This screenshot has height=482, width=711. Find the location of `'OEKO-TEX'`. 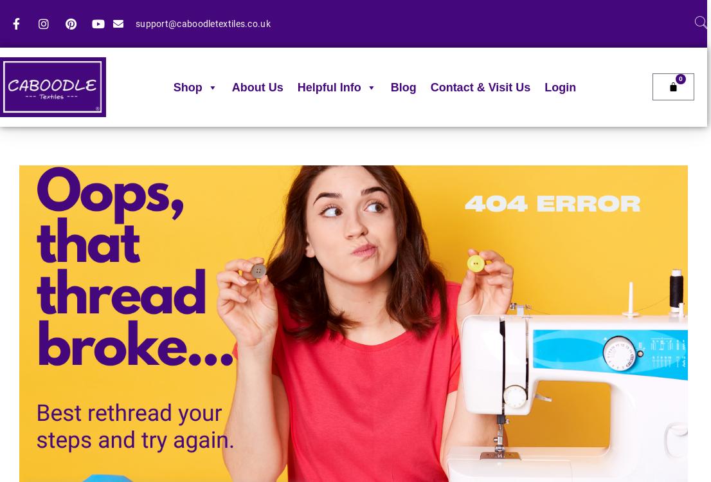

'OEKO-TEX' is located at coordinates (321, 234).